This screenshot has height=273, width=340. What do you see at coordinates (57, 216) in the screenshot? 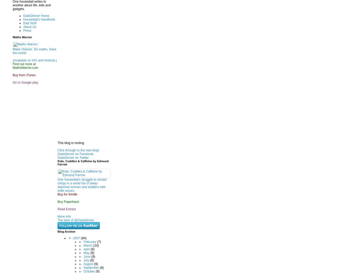
I see `'More Info'` at bounding box center [57, 216].